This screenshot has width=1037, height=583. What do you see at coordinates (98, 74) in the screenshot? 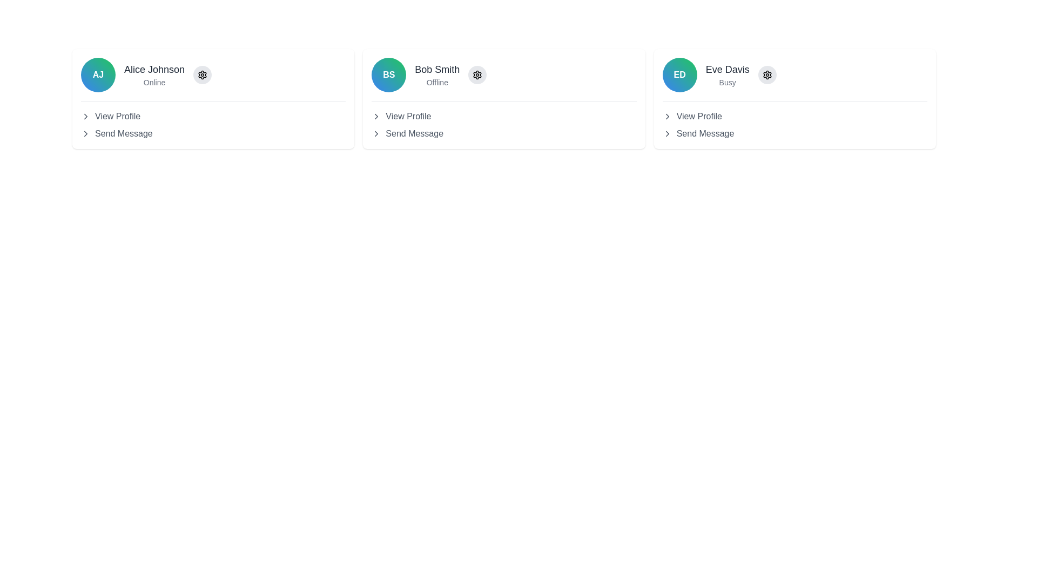
I see `the circular avatar displaying the initials 'AJ' in white bold text against a gradient background` at bounding box center [98, 74].